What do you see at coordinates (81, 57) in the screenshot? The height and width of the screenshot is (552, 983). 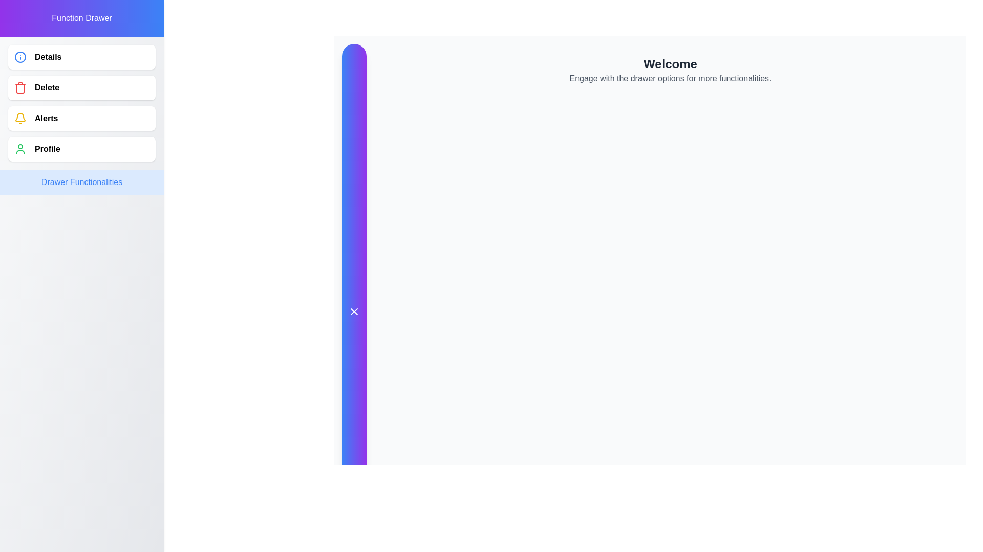 I see `the first button in the vertical list located in the left sidebar` at bounding box center [81, 57].